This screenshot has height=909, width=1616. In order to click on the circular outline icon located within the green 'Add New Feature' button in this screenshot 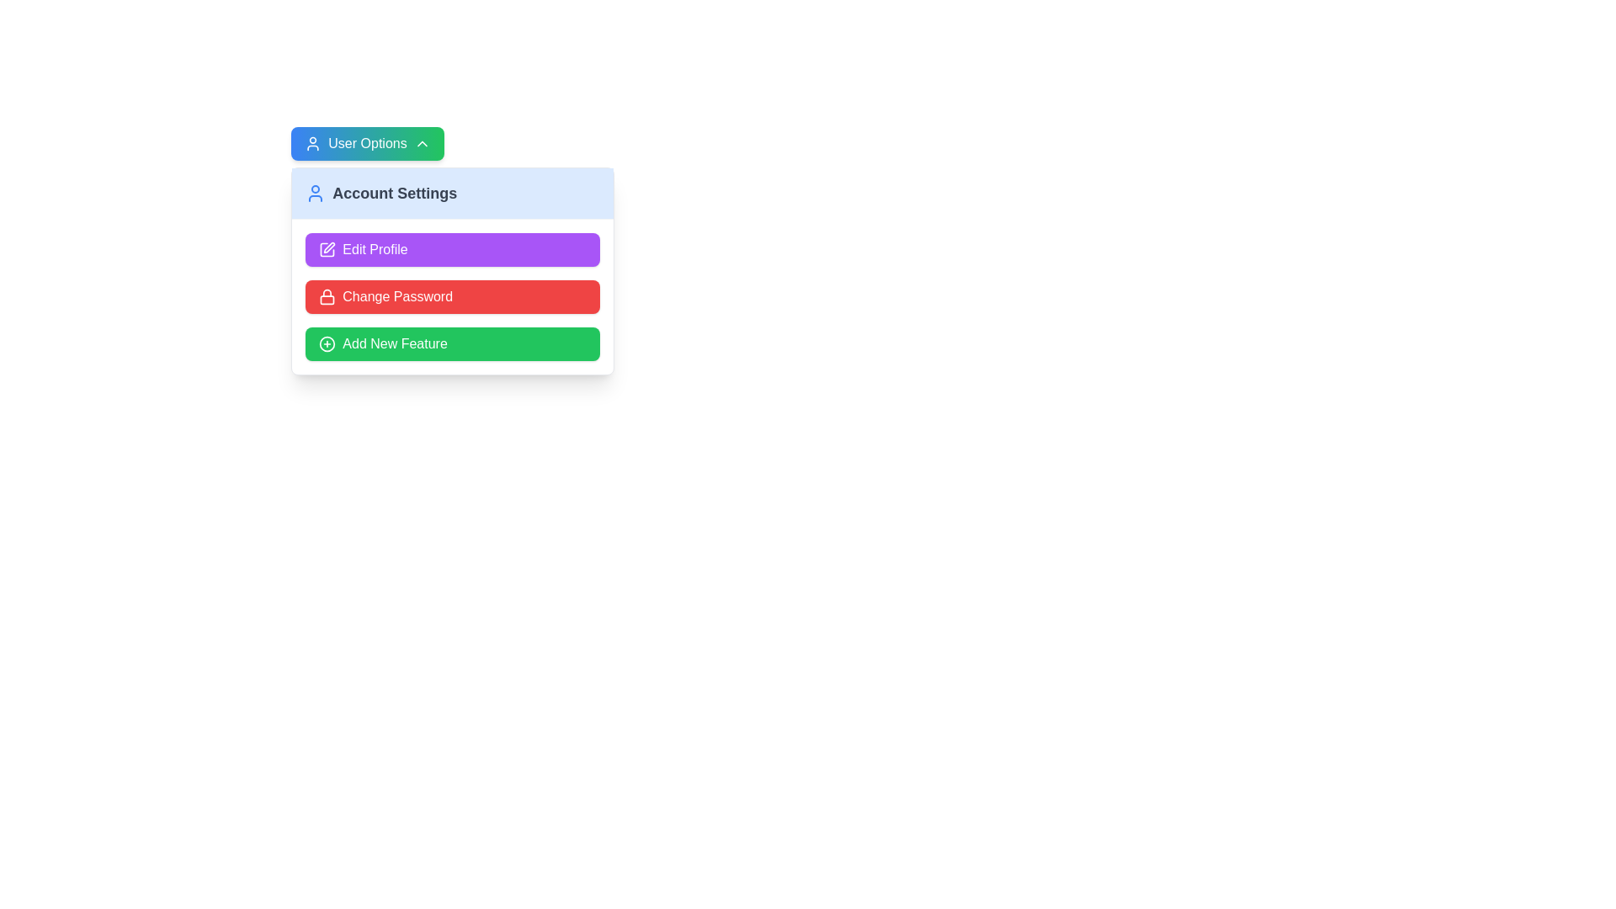, I will do `click(327, 343)`.